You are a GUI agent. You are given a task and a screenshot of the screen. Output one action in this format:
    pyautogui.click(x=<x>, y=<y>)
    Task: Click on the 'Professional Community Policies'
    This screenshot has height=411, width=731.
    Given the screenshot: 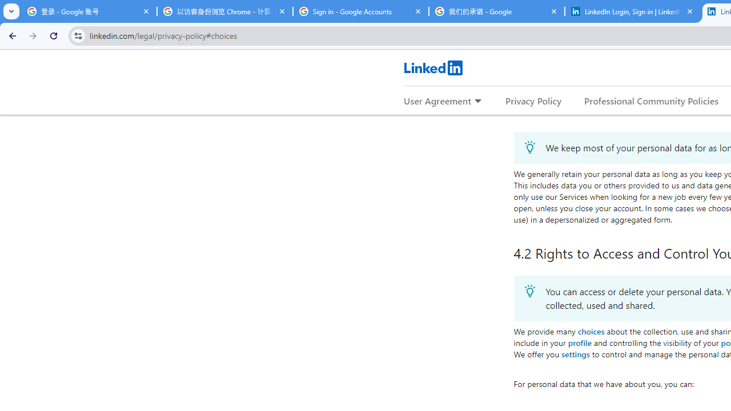 What is the action you would take?
    pyautogui.click(x=652, y=100)
    